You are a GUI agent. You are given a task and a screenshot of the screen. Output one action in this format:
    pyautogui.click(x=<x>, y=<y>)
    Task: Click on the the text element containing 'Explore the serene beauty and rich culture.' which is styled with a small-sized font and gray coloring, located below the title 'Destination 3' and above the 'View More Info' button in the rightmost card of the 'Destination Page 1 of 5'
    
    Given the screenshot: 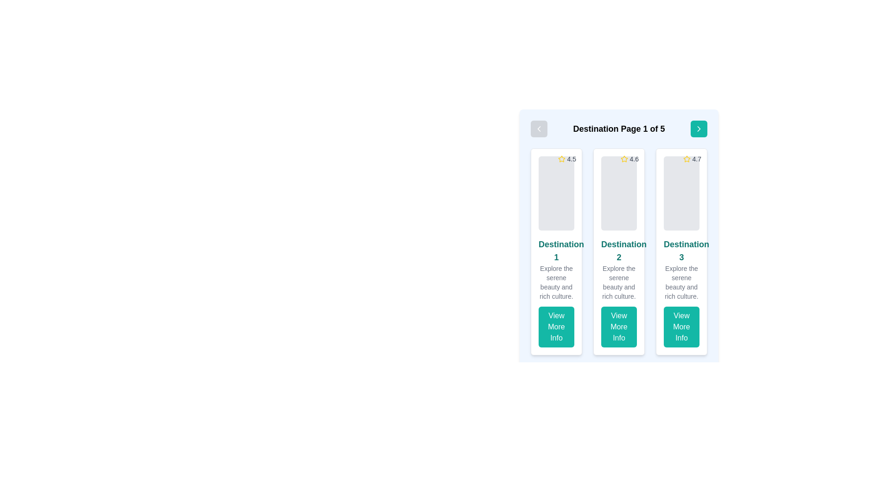 What is the action you would take?
    pyautogui.click(x=681, y=282)
    